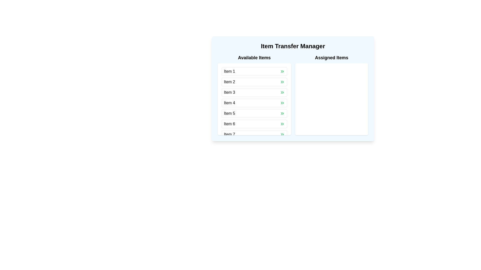 The width and height of the screenshot is (481, 270). What do you see at coordinates (229, 81) in the screenshot?
I see `the second item Text label in the 'Available Items' column of the 'Item Transfer Manager' interface, which serves as a non-interactive display label` at bounding box center [229, 81].